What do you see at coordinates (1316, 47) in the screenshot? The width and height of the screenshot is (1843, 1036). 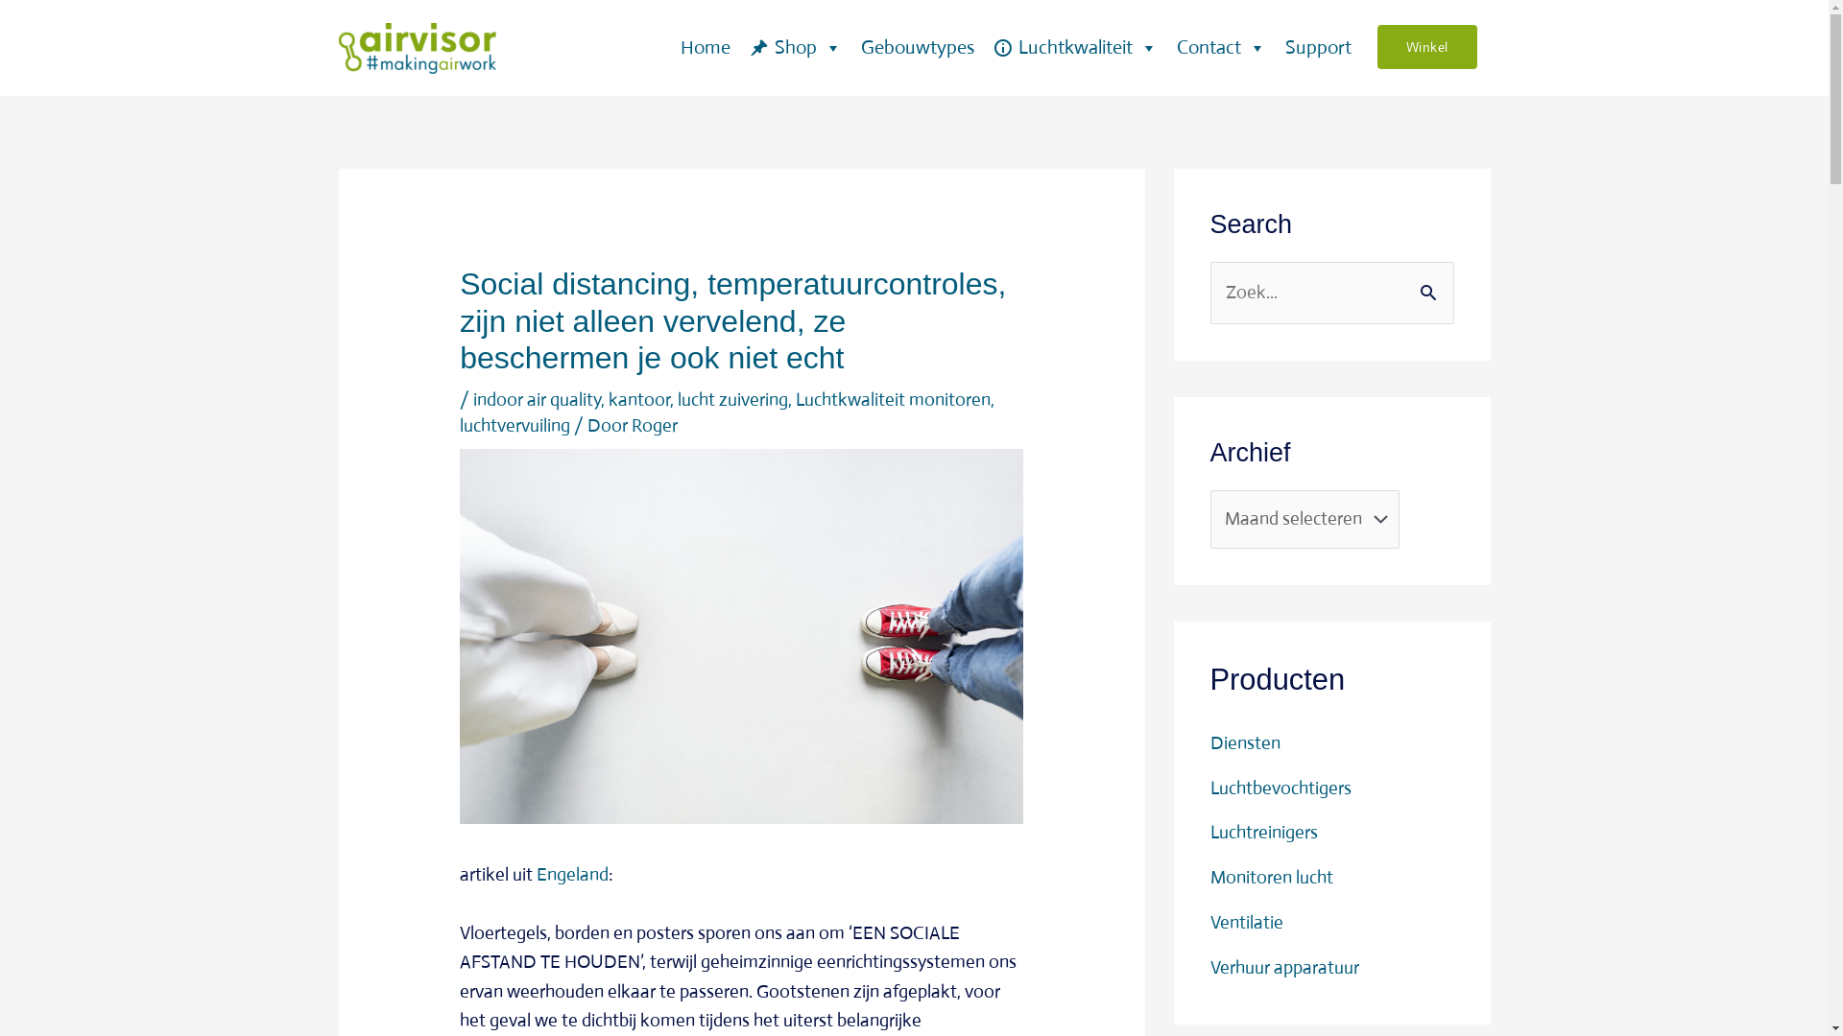 I see `'Support'` at bounding box center [1316, 47].